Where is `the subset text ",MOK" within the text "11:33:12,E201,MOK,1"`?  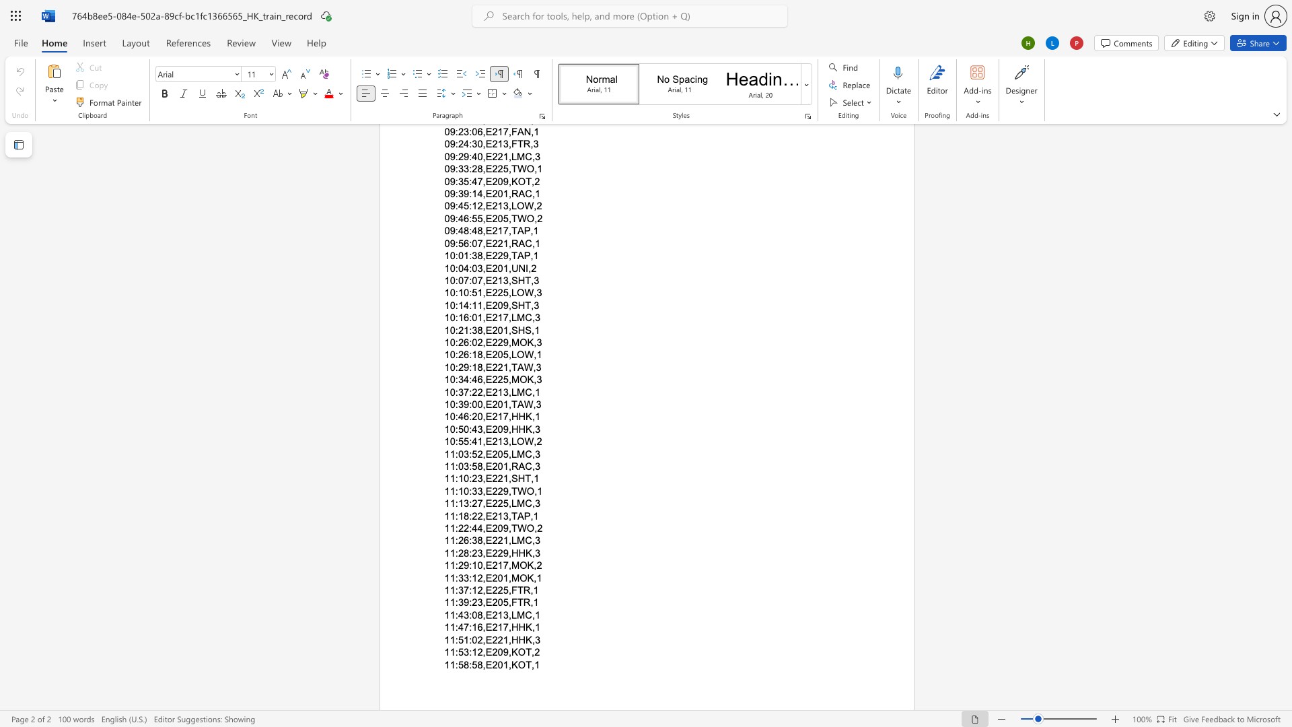 the subset text ",MOK" within the text "11:33:12,E201,MOK,1" is located at coordinates (507, 577).